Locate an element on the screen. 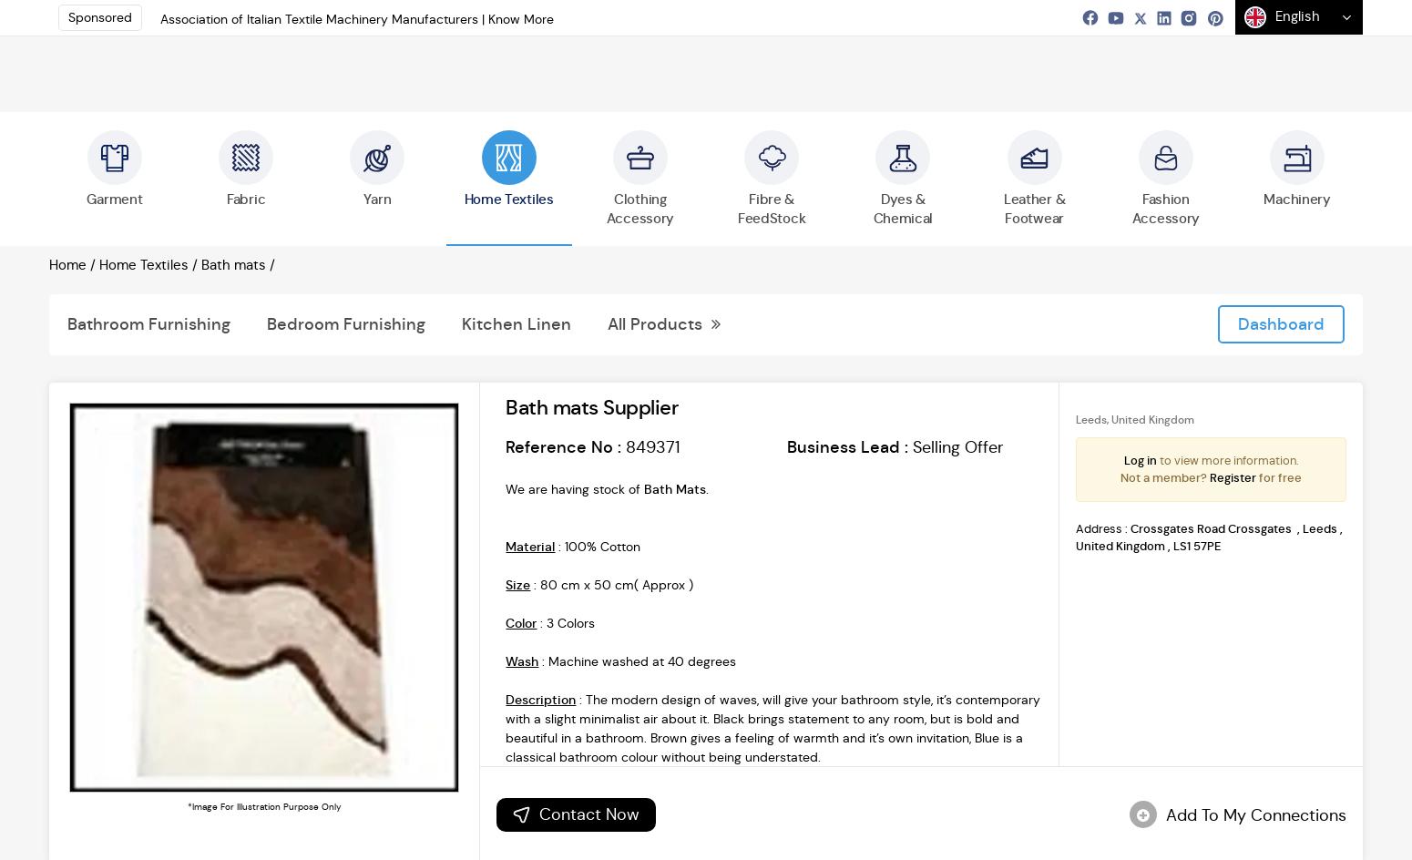 This screenshot has height=860, width=1412. 'Bathroom Solid Bath Mats' is located at coordinates (735, 604).